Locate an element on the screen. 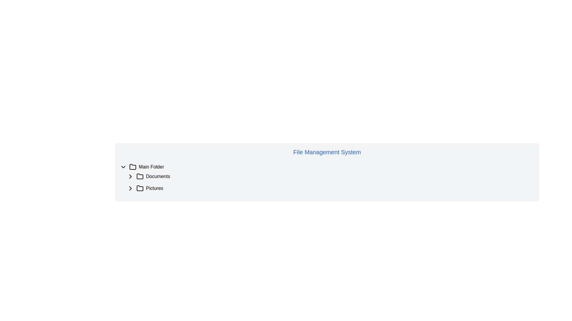 The height and width of the screenshot is (321, 572). text label displaying 'Documents' located in the center-right of the left-side navigation panel, underneath the 'Main Folder' section is located at coordinates (158, 176).